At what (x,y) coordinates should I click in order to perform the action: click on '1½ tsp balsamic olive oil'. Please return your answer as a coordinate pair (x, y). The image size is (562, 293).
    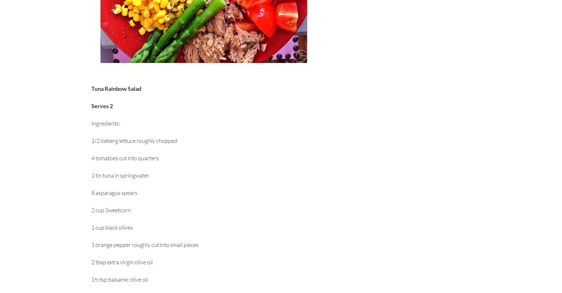
    Looking at the image, I should click on (119, 279).